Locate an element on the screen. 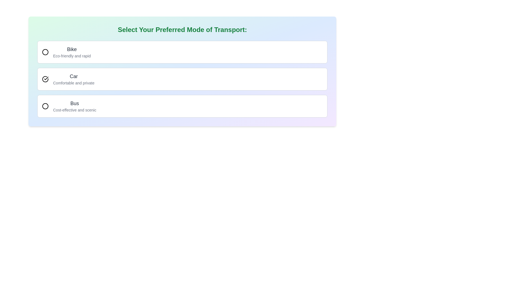  the text label for the third transport option, 'Bus', which serves as a title for this selection in the vertical list of transport modes is located at coordinates (74, 103).